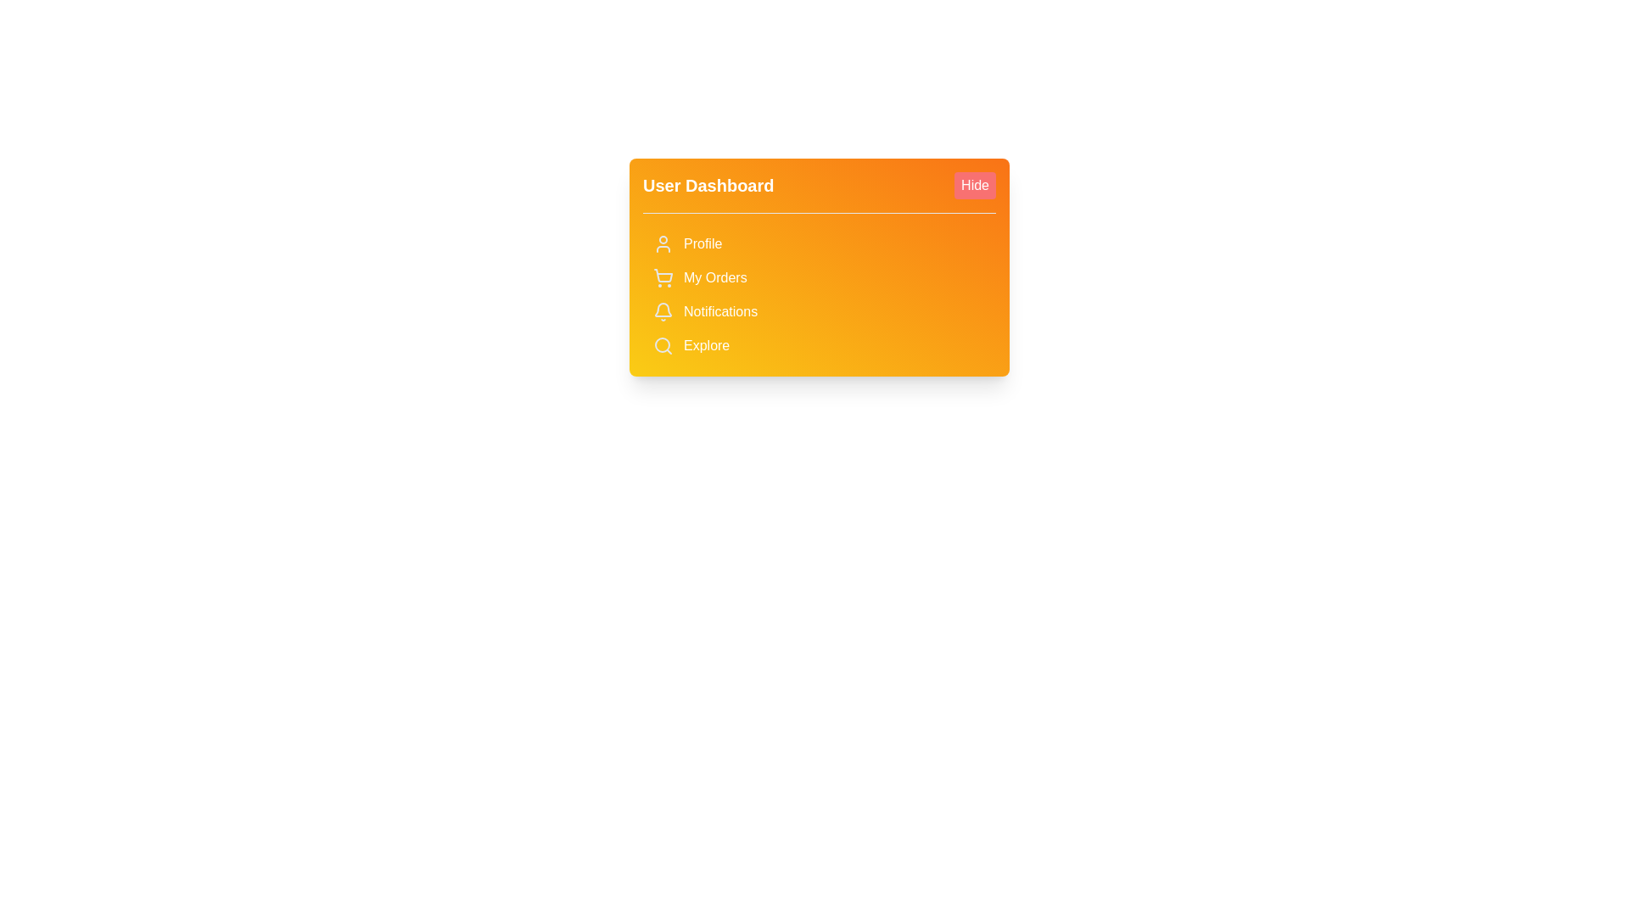  What do you see at coordinates (819, 276) in the screenshot?
I see `the 'My Orders' button to access the section` at bounding box center [819, 276].